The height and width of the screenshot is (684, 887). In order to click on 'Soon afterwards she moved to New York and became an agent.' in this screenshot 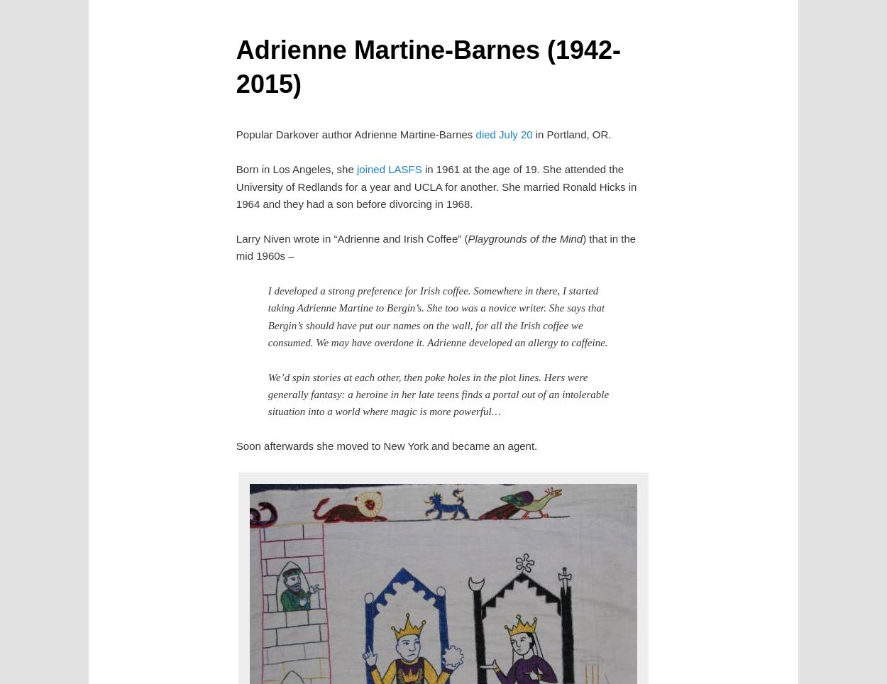, I will do `click(386, 446)`.